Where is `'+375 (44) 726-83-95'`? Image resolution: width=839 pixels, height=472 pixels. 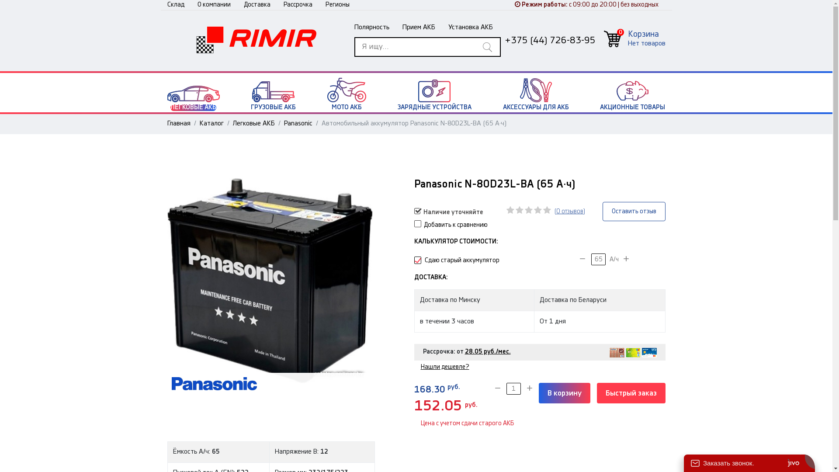
'+375 (44) 726-83-95' is located at coordinates (504, 40).